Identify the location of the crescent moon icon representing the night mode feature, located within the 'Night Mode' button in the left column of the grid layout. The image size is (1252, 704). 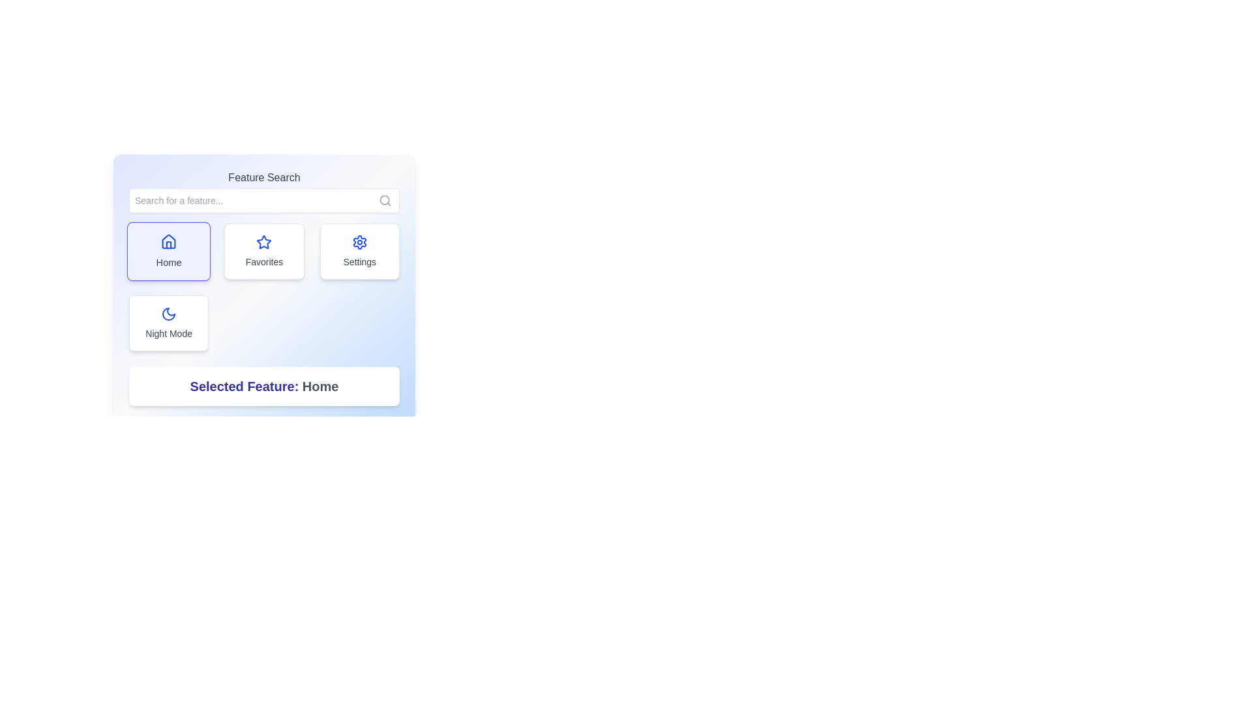
(168, 314).